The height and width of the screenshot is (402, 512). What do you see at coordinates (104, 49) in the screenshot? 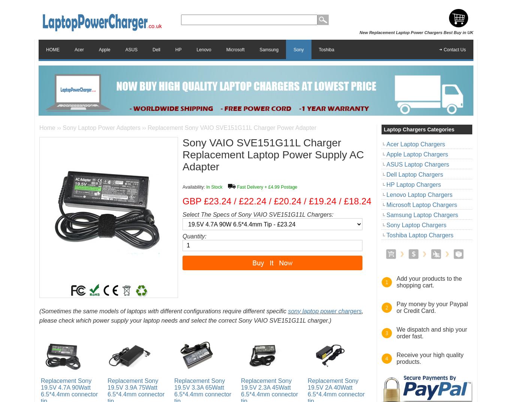
I see `'Apple'` at bounding box center [104, 49].